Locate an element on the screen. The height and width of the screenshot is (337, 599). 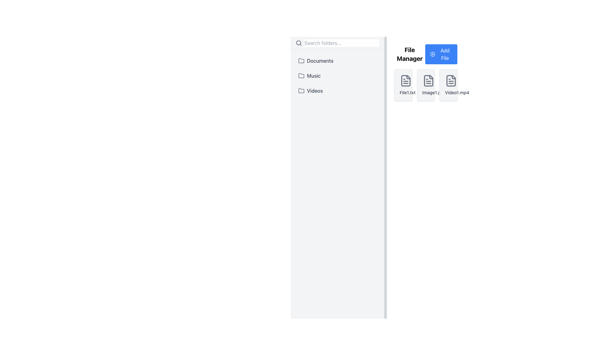
to select the 'Music' folder, which is the second item in the vertical list of folder entries in the left sidebar of the file navigation panel is located at coordinates (337, 76).